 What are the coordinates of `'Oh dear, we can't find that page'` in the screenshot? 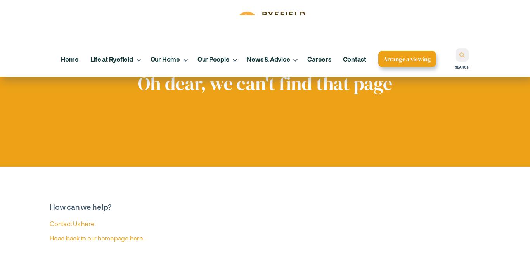 It's located at (264, 83).